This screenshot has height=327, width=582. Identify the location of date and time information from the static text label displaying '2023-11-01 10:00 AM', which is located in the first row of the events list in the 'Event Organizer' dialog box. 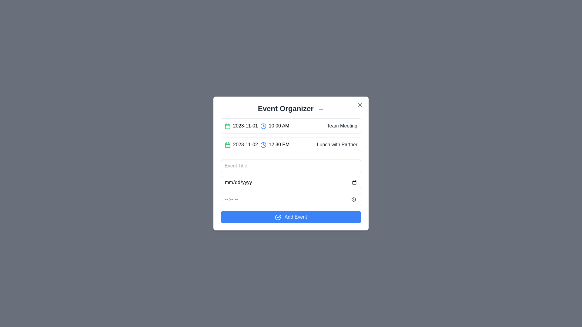
(257, 126).